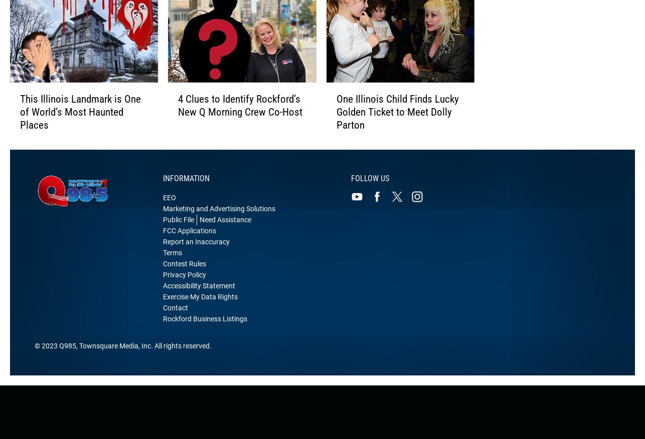  Describe the element at coordinates (397, 123) in the screenshot. I see `'One Illinois Child Finds Lucky Golden Ticket to Meet Dolly Parton'` at that location.